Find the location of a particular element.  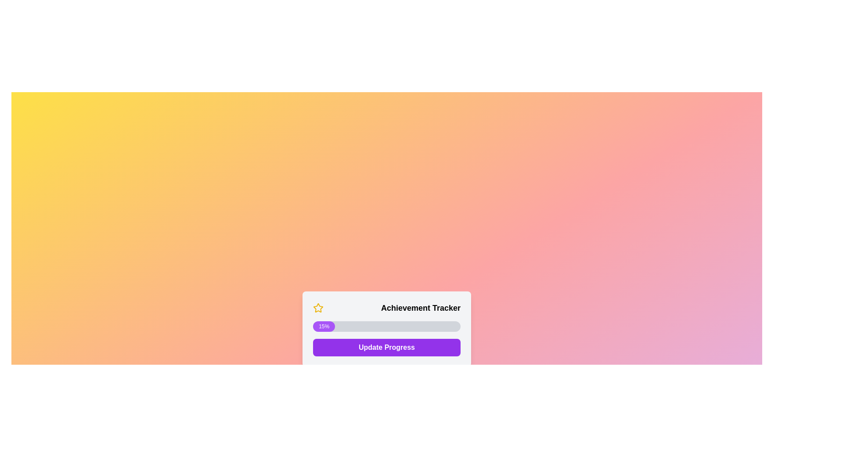

the 'Achievement Tracker' text label, which is bold and displays a star icon to the left, indicating a tracking feature is located at coordinates (386, 308).